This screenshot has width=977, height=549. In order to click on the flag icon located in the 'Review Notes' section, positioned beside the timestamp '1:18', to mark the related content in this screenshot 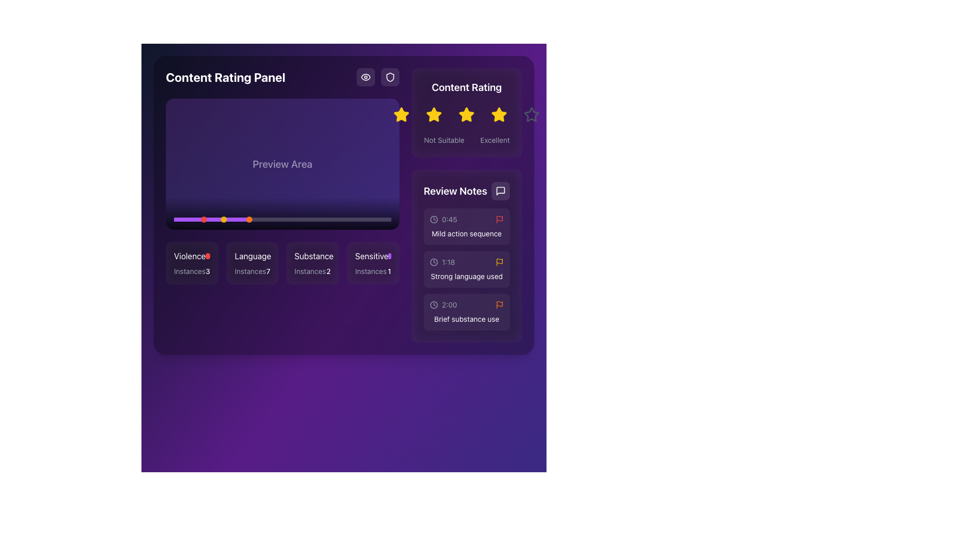, I will do `click(499, 262)`.